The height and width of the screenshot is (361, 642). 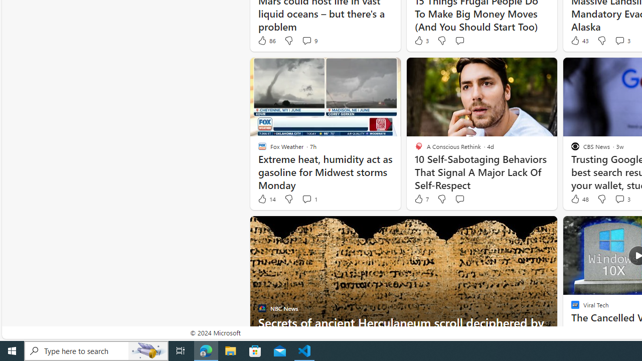 I want to click on '48 Like', so click(x=579, y=199).